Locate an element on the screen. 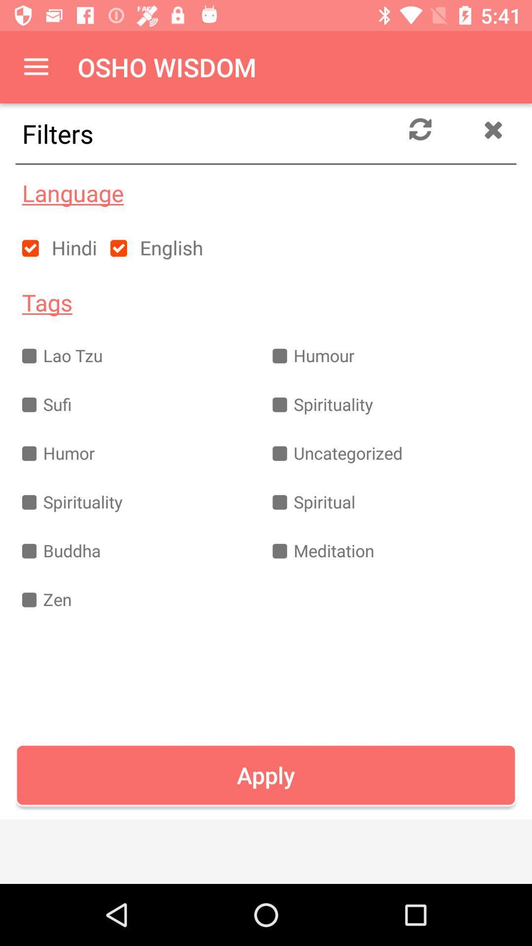  item above filters is located at coordinates (35, 67).